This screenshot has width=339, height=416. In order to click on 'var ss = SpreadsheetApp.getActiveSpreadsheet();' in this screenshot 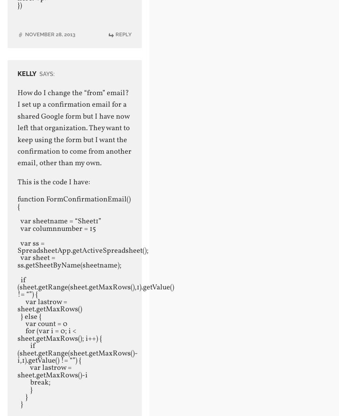, I will do `click(83, 246)`.